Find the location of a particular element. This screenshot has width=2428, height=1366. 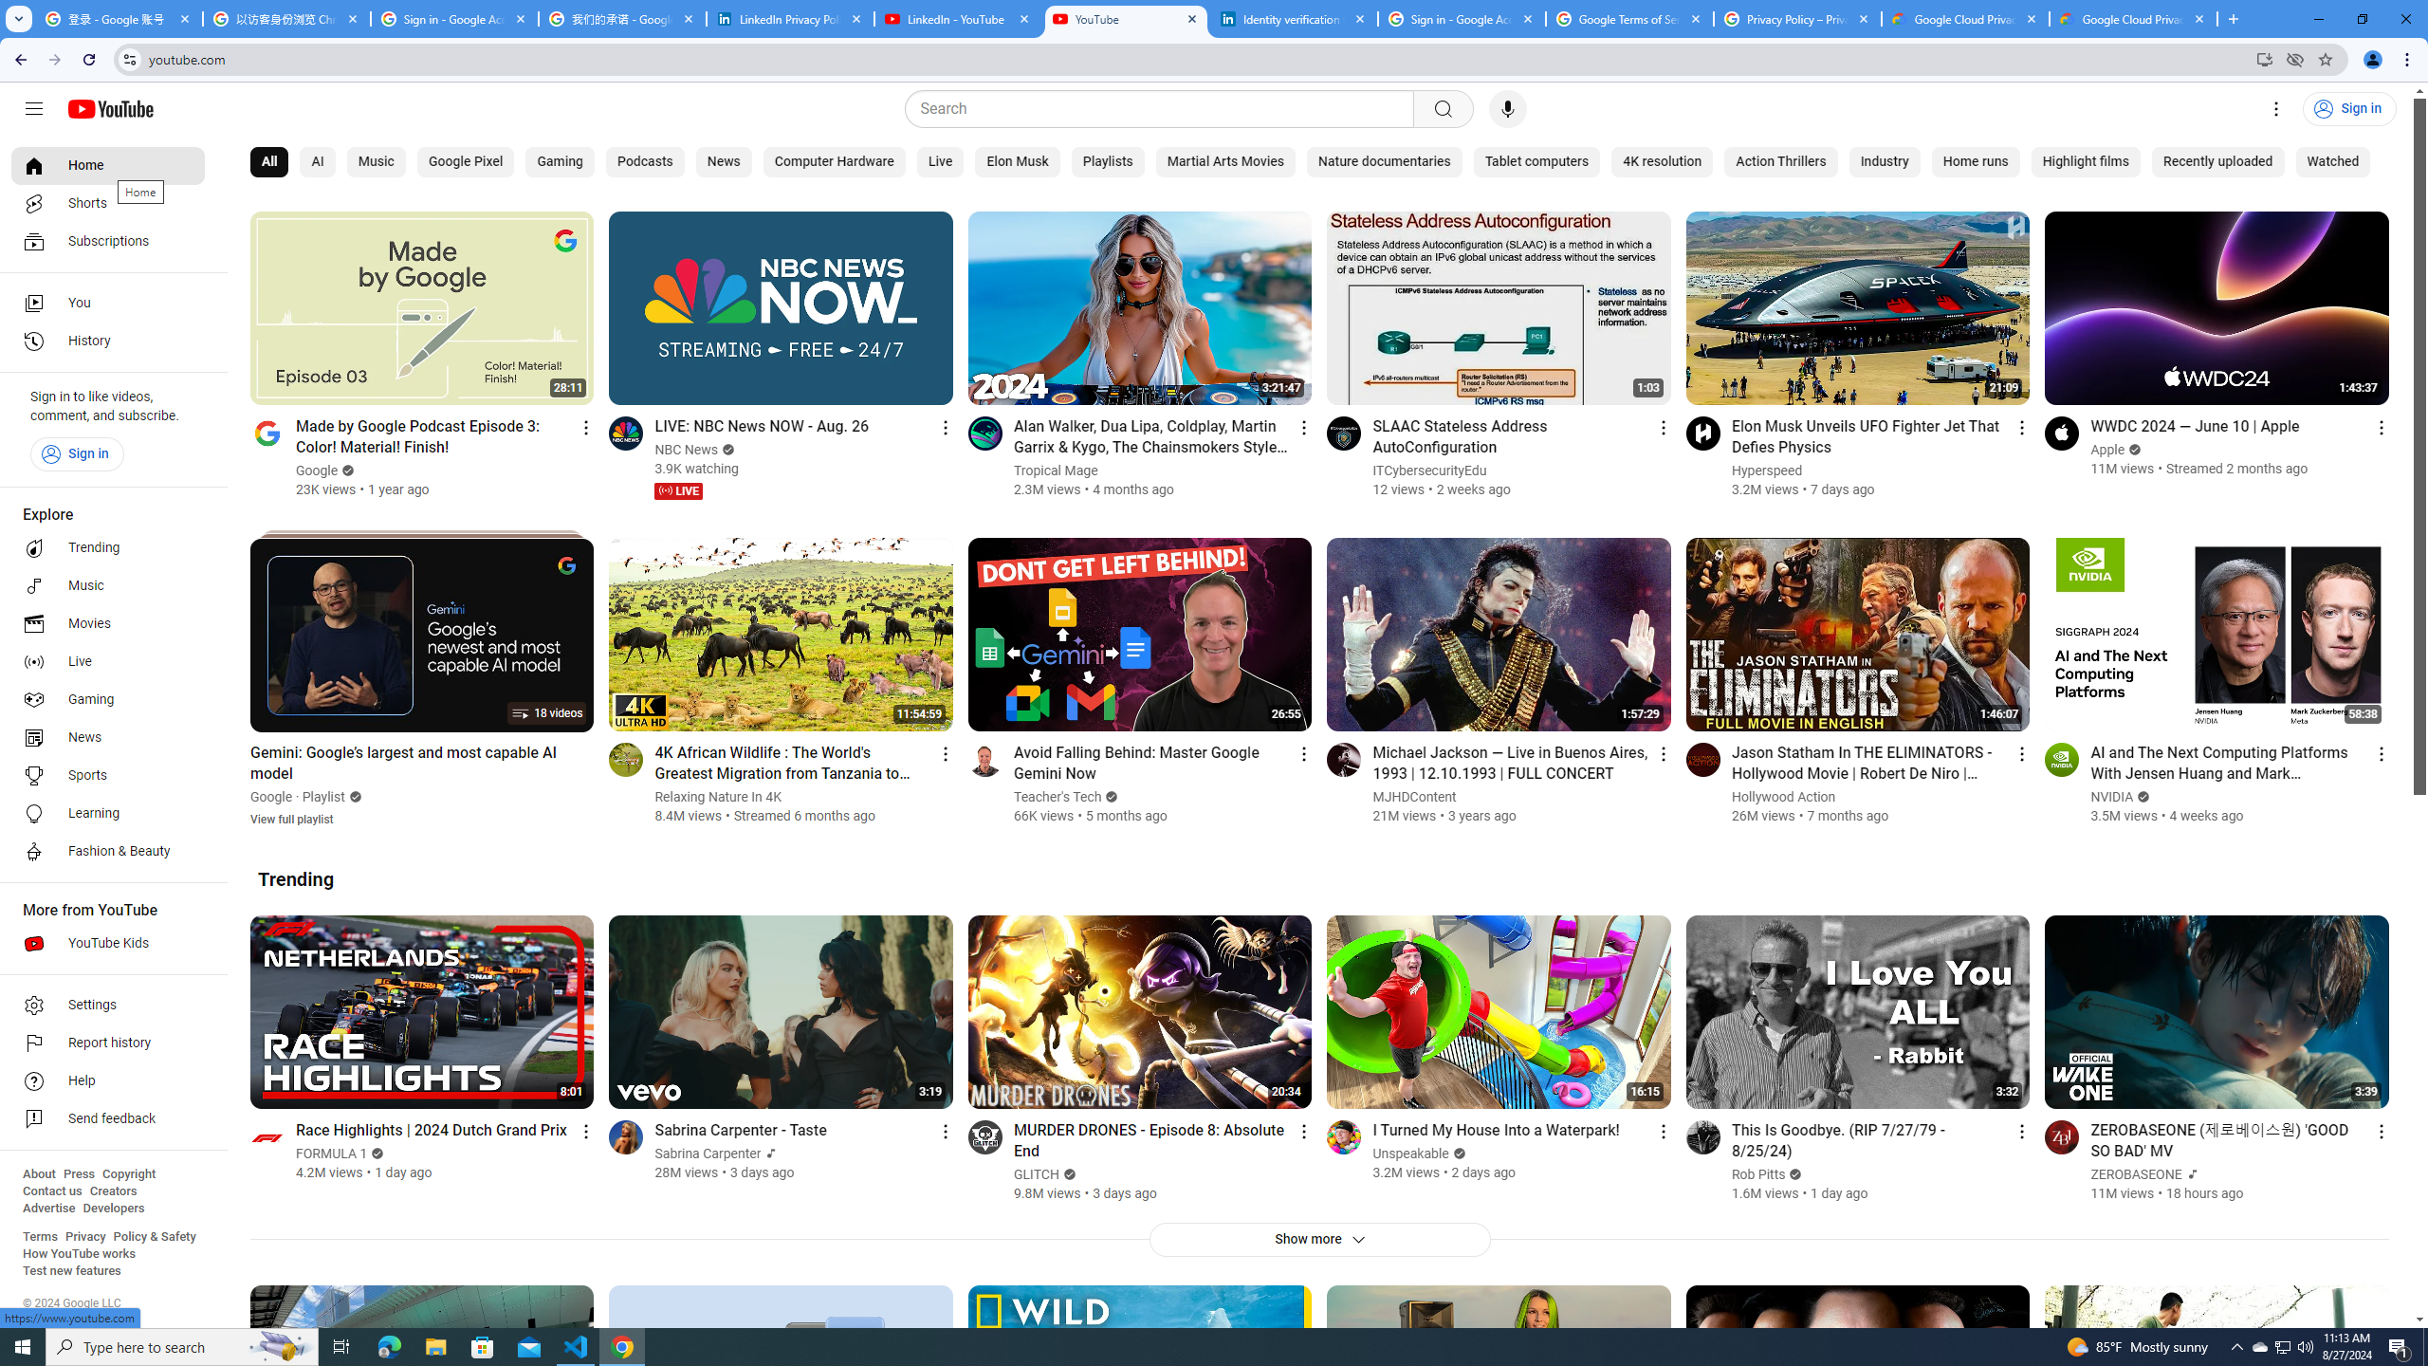

'GLITCH' is located at coordinates (1036, 1173).